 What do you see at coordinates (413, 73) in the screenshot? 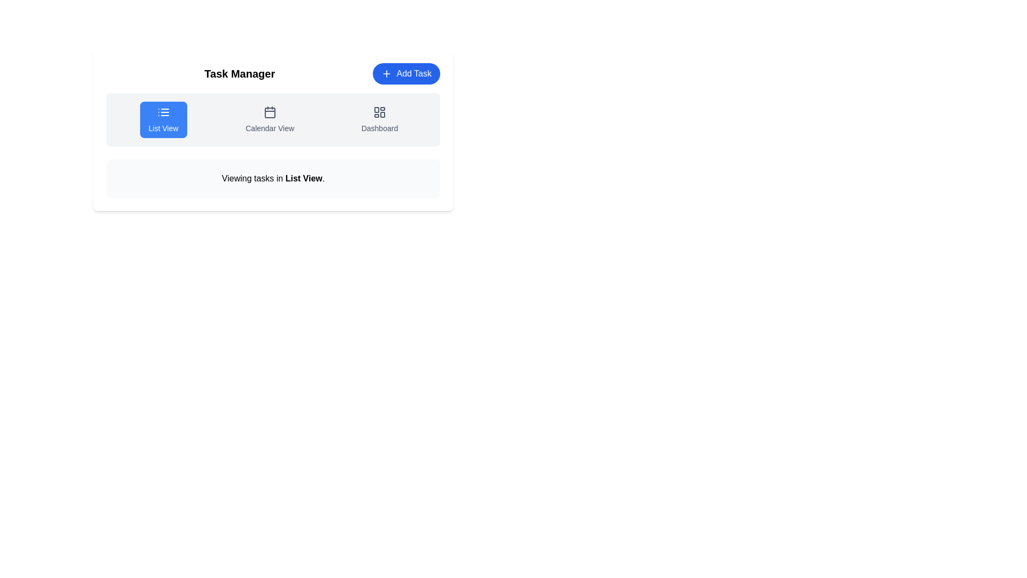
I see `text label displaying 'Add Task' located in the header section towards the top right corner of the interface, part of a blue button with a '+' icon` at bounding box center [413, 73].